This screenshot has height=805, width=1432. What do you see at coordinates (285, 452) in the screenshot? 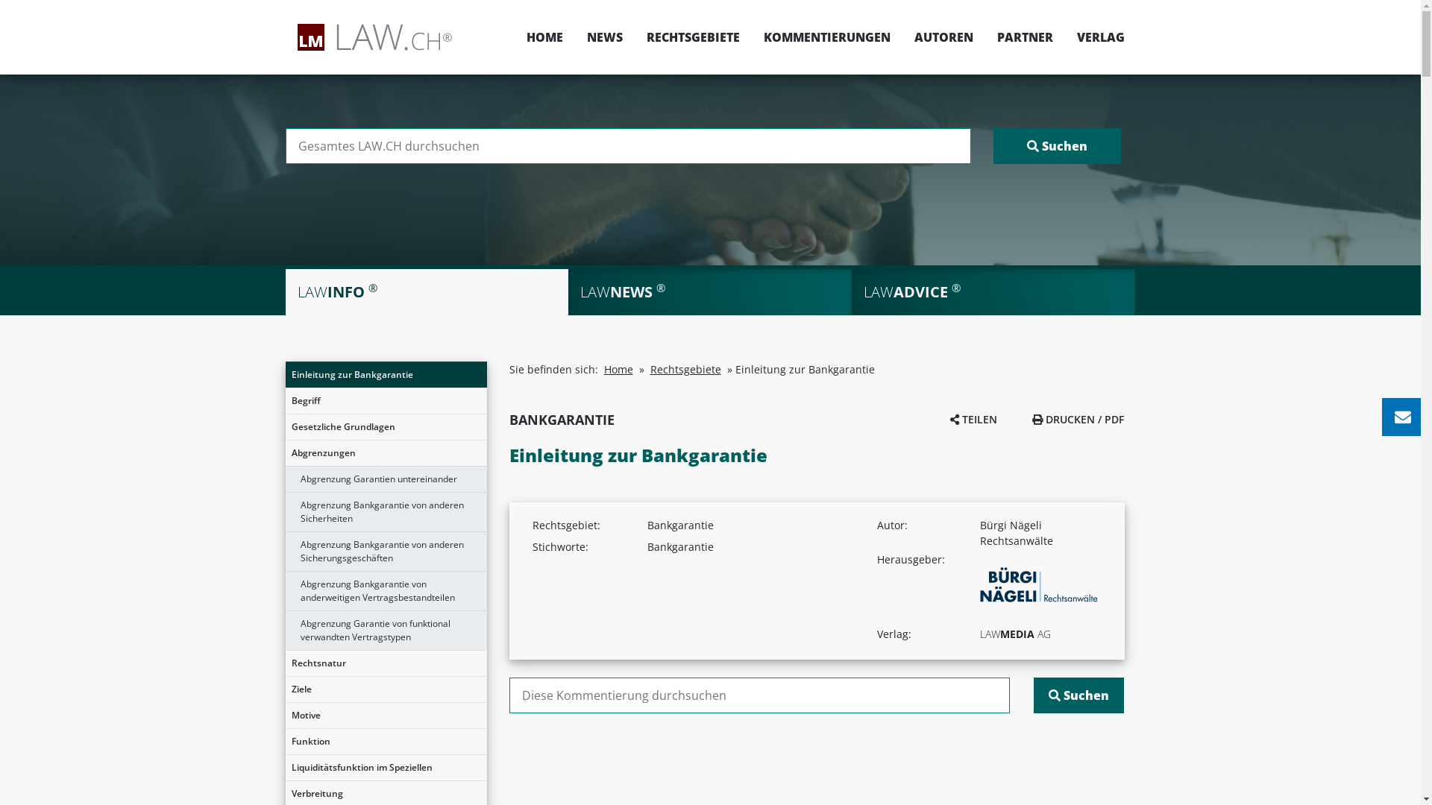
I see `'Abgrenzungen'` at bounding box center [285, 452].